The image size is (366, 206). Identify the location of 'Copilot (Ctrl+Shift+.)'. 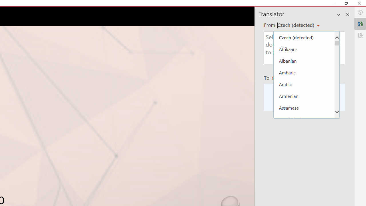
(355, 23).